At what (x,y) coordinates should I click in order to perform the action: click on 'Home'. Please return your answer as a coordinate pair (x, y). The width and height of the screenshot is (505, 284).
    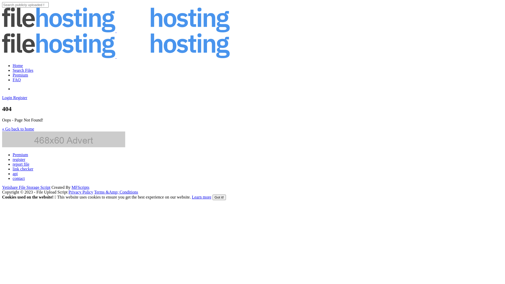
    Looking at the image, I should click on (18, 65).